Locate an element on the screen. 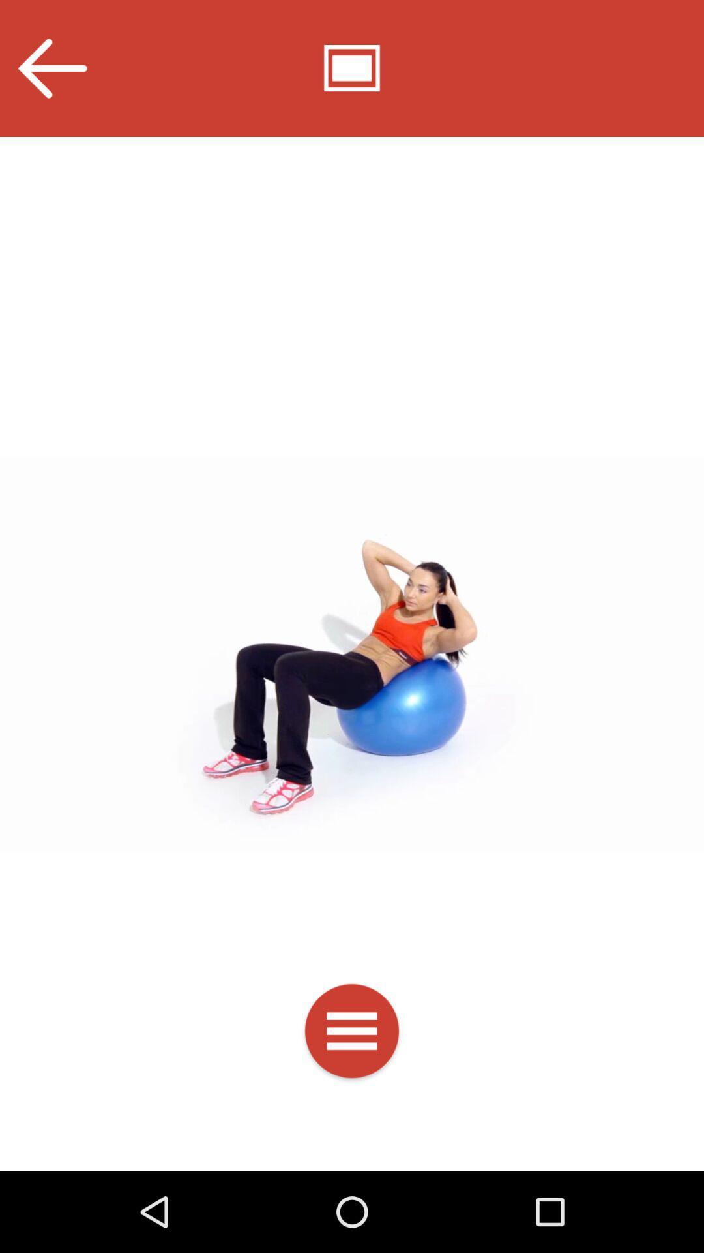 The height and width of the screenshot is (1253, 704). open menu is located at coordinates (352, 1033).